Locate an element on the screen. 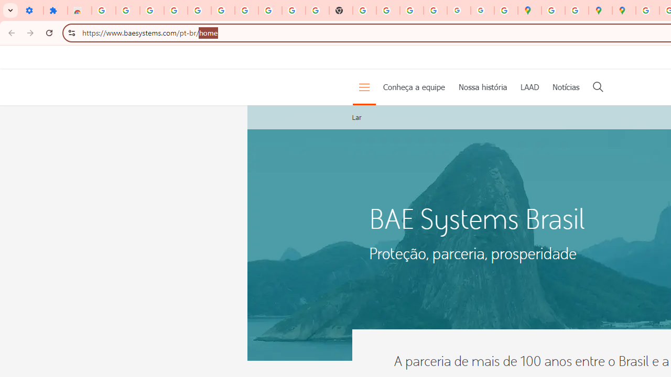 The height and width of the screenshot is (377, 671). 'Safety in Our Products - Google Safety Center' is located at coordinates (576, 10).